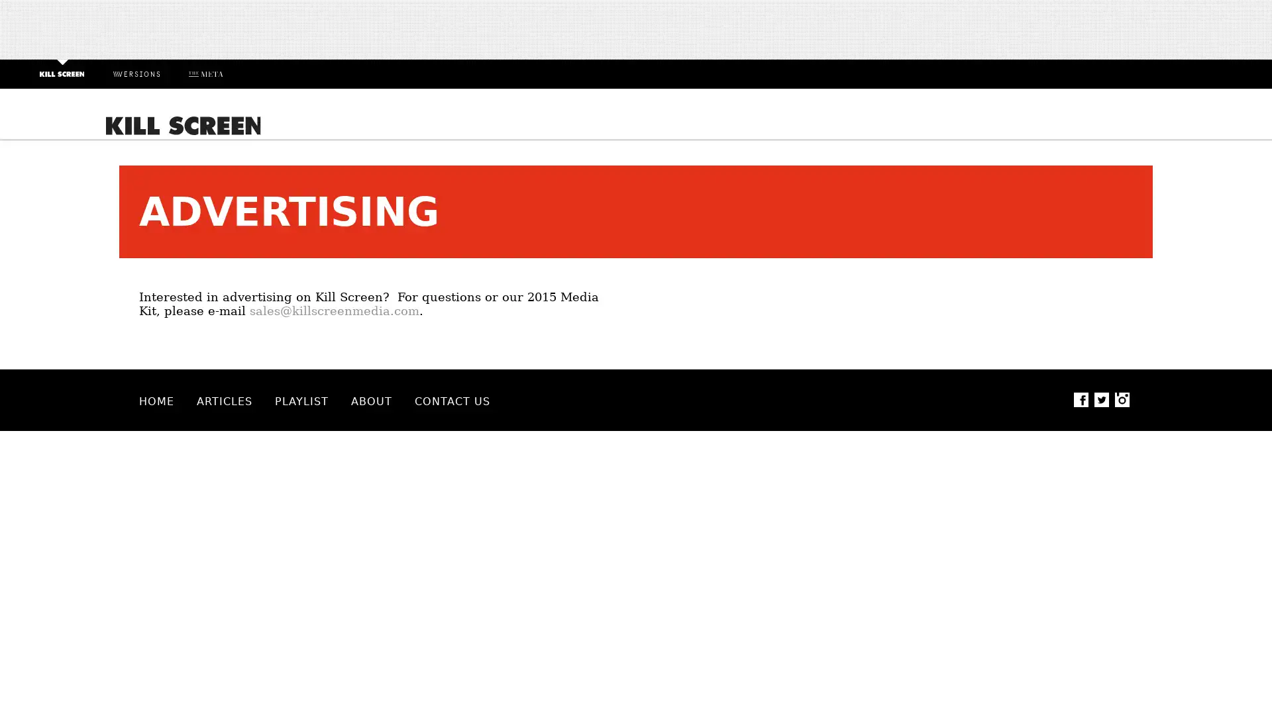 The width and height of the screenshot is (1272, 715). I want to click on Search, so click(1100, 129).